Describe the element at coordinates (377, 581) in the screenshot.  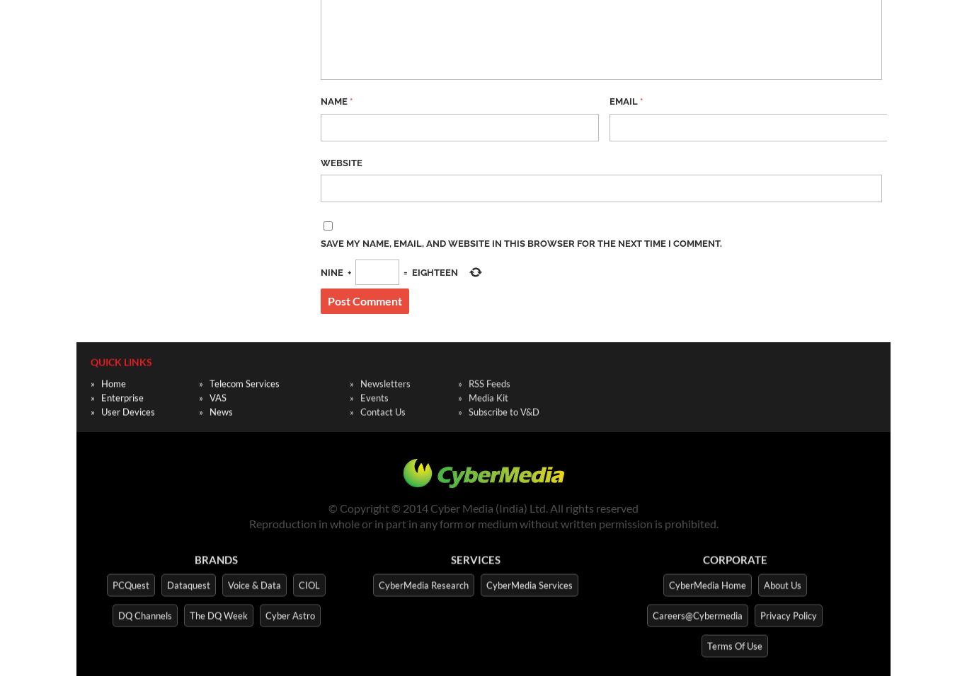
I see `'CyberMedia Research'` at that location.